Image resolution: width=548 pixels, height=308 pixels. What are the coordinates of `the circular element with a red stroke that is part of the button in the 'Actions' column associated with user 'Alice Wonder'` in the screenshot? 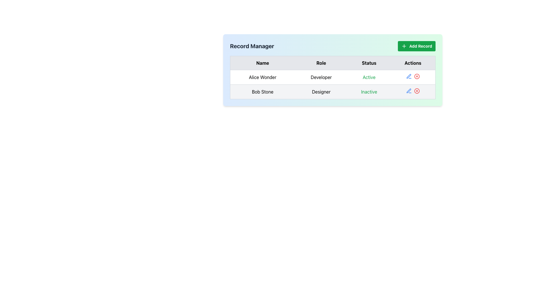 It's located at (417, 76).